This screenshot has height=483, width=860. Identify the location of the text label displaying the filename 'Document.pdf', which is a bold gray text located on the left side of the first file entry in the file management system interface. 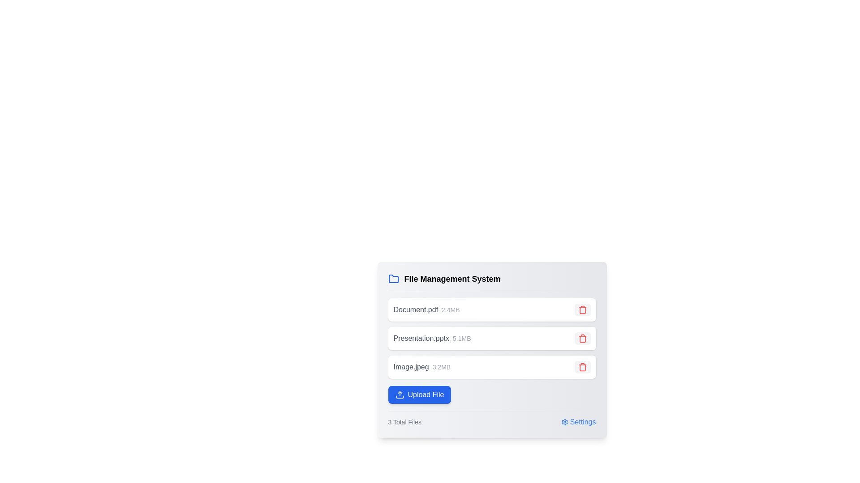
(415, 309).